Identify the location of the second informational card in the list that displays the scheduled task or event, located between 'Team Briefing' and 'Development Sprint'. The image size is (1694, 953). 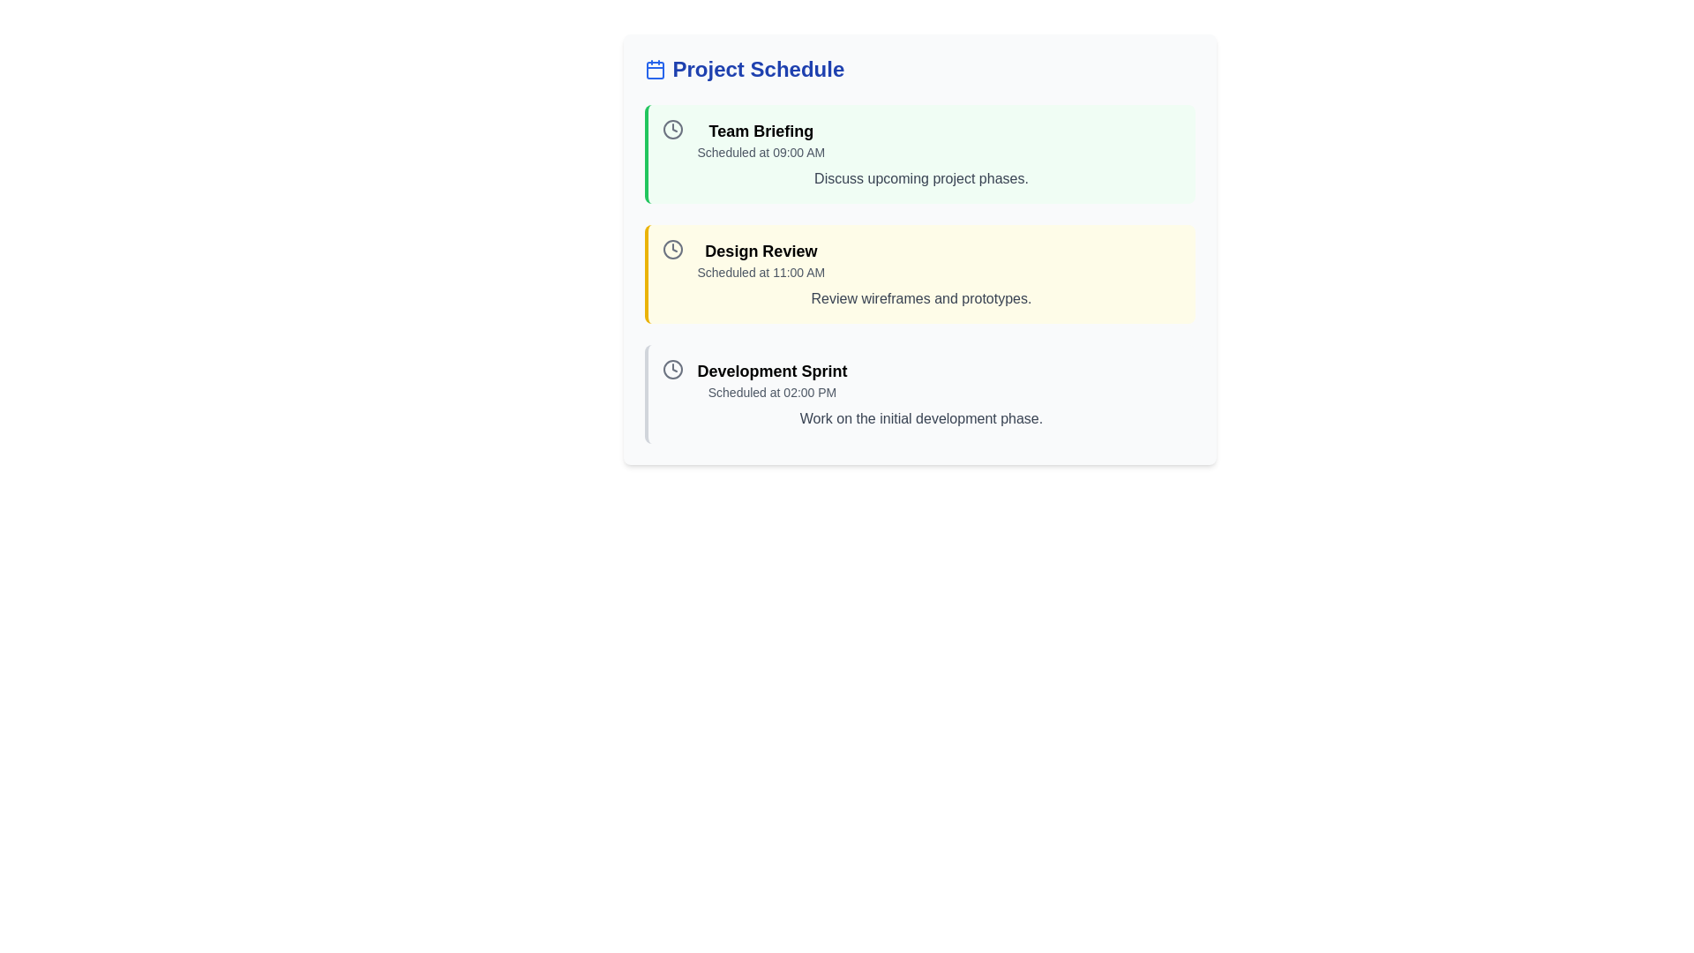
(918, 274).